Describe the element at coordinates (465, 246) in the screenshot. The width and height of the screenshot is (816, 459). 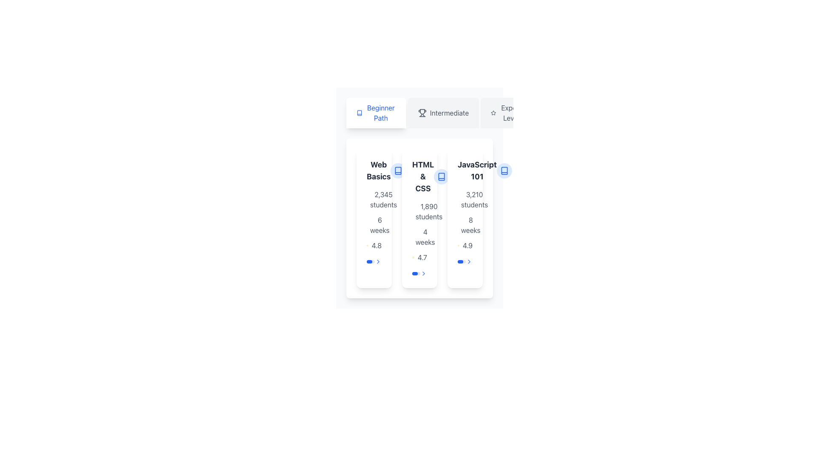
I see `the static display component showing the rating '4.9' with a yellow star icon, located at the bottom of the 'JavaScript 101' card` at that location.